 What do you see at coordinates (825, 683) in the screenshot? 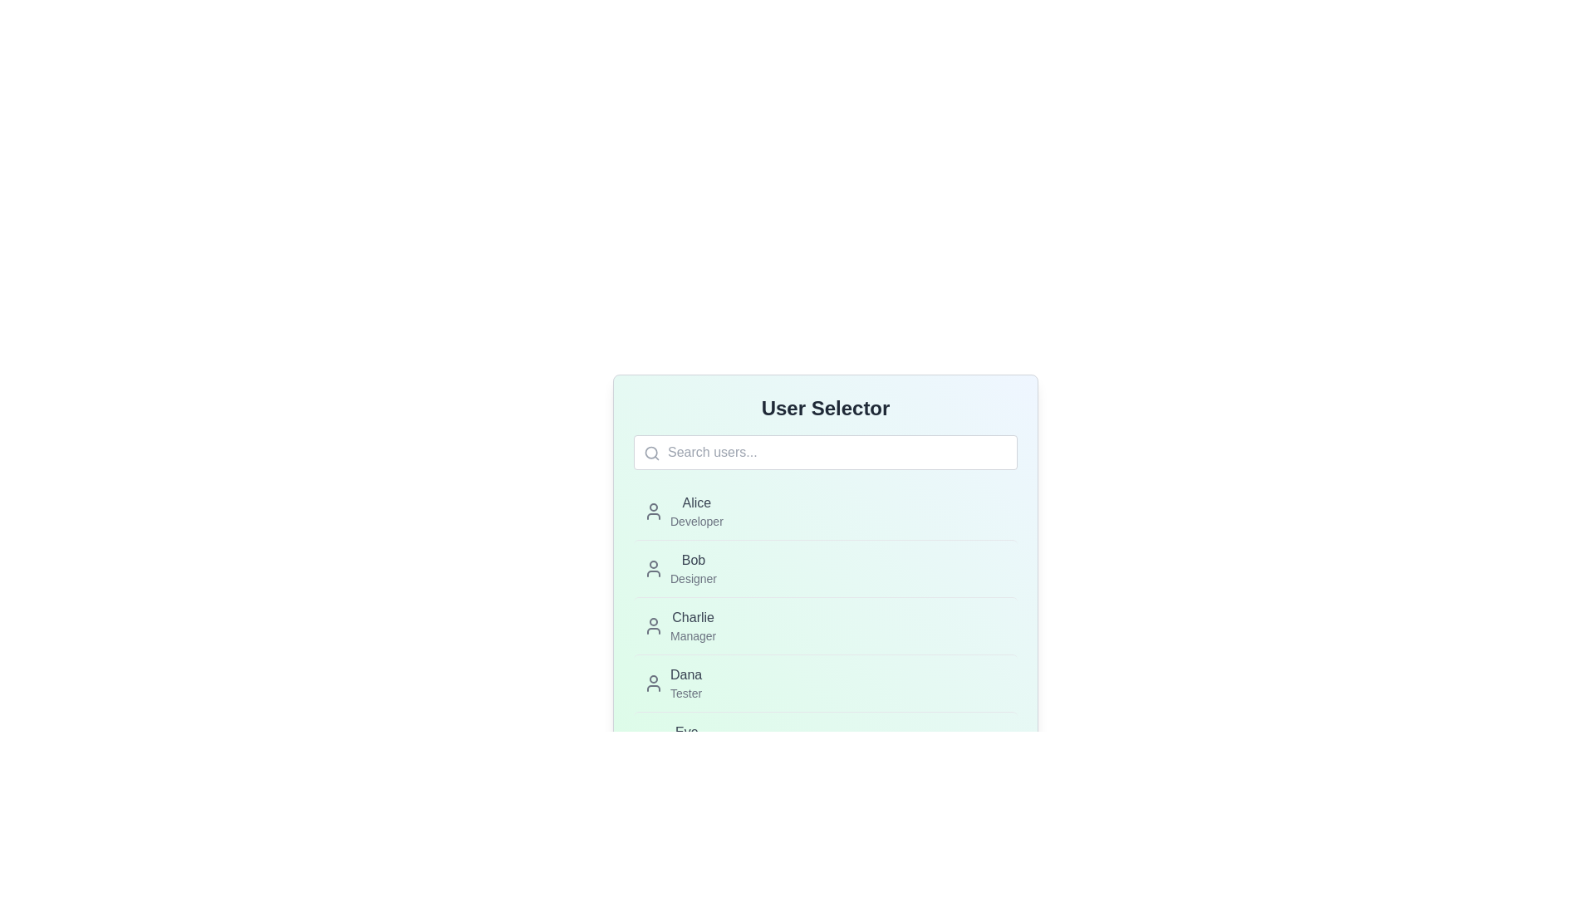
I see `the user list item representing Dana, who has the role of 'Tester'` at bounding box center [825, 683].